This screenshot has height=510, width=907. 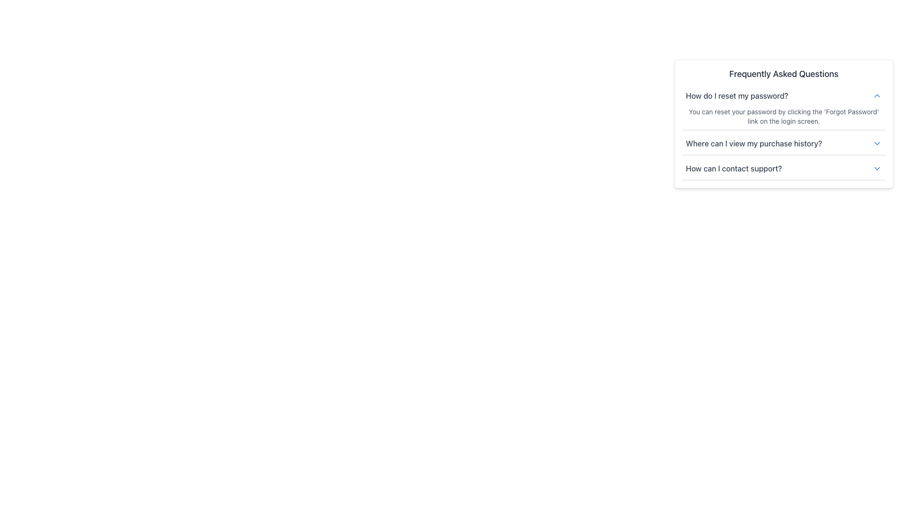 What do you see at coordinates (733, 168) in the screenshot?
I see `the text label that reads 'How can I contact support?' which is styled in gray and is located in the FAQ panel` at bounding box center [733, 168].